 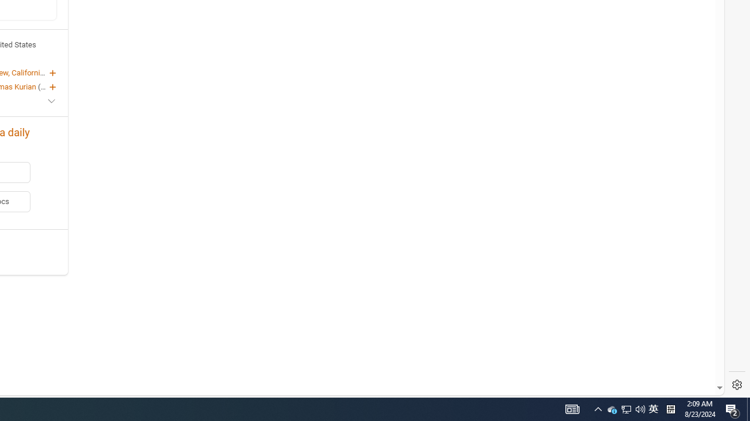 What do you see at coordinates (47, 85) in the screenshot?
I see `'CEO'` at bounding box center [47, 85].